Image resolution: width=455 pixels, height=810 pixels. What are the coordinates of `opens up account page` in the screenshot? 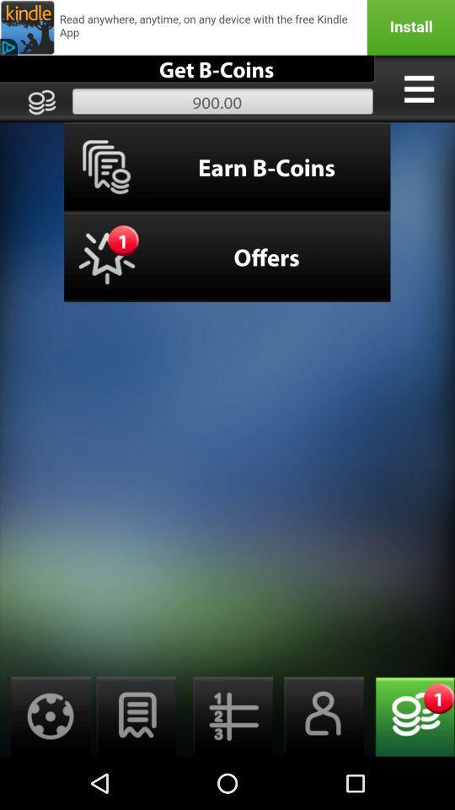 It's located at (318, 715).